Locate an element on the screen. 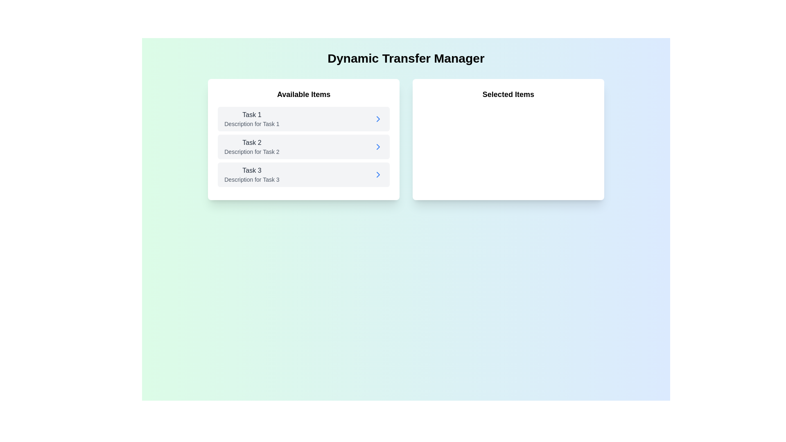 Image resolution: width=786 pixels, height=442 pixels. the chevron icon button in the 'Available Items' section is located at coordinates (378, 146).